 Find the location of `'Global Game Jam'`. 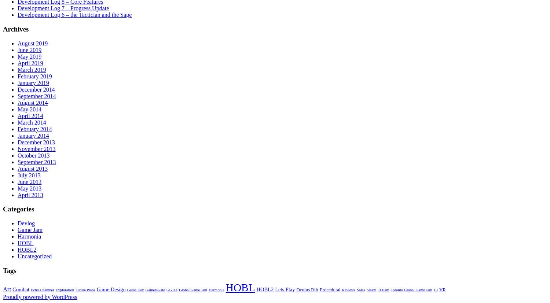

'Global Game Jam' is located at coordinates (193, 289).